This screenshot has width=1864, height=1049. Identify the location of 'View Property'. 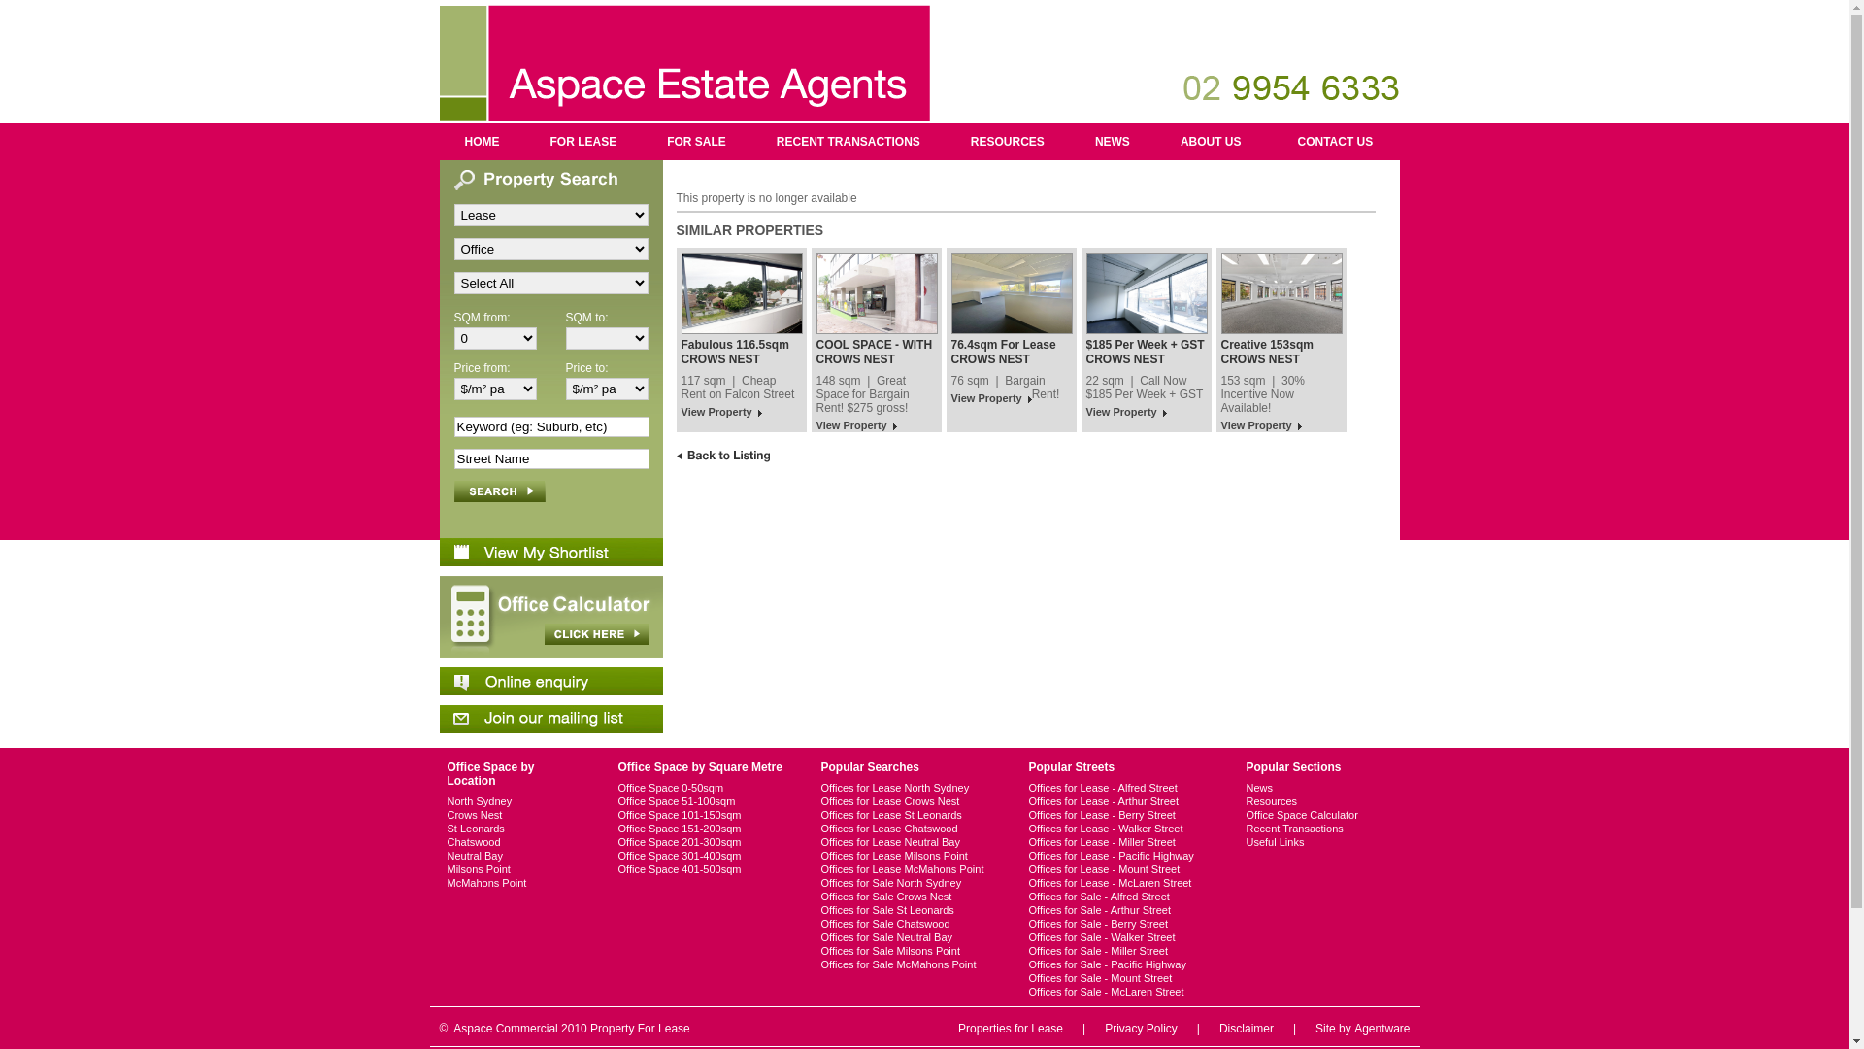
(720, 412).